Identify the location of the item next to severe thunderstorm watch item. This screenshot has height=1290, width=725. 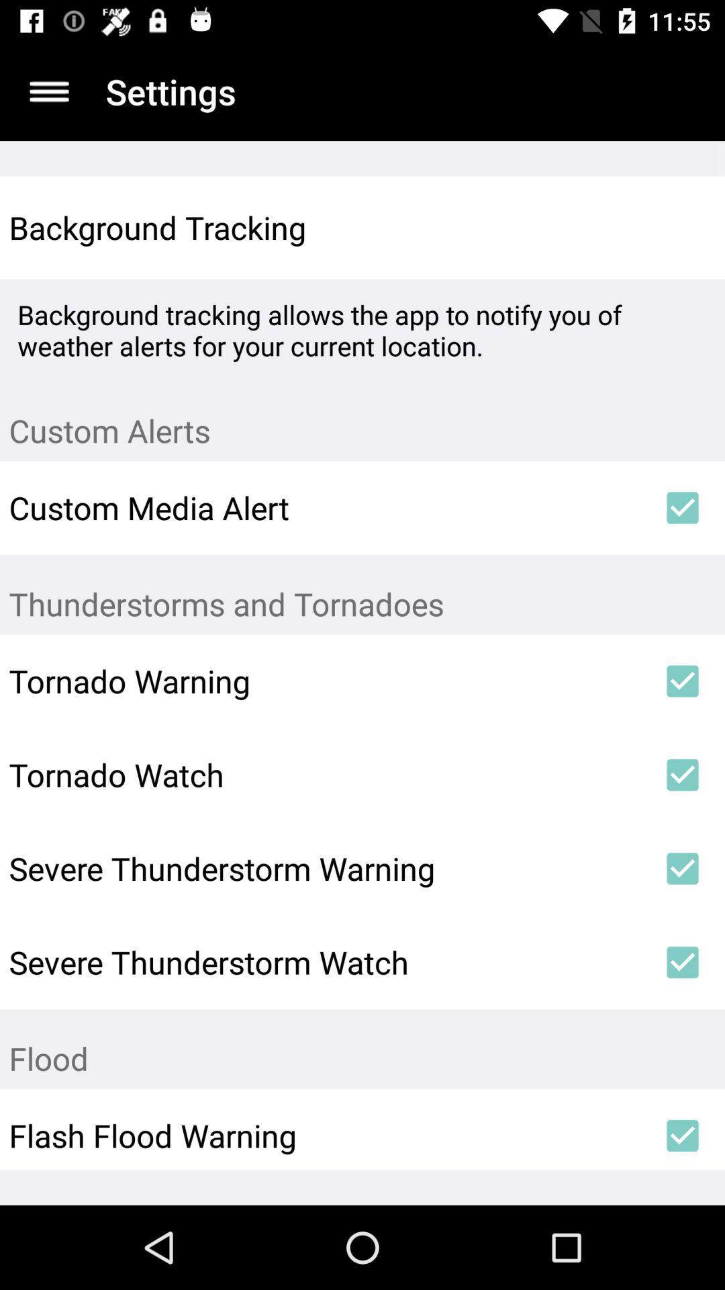
(683, 961).